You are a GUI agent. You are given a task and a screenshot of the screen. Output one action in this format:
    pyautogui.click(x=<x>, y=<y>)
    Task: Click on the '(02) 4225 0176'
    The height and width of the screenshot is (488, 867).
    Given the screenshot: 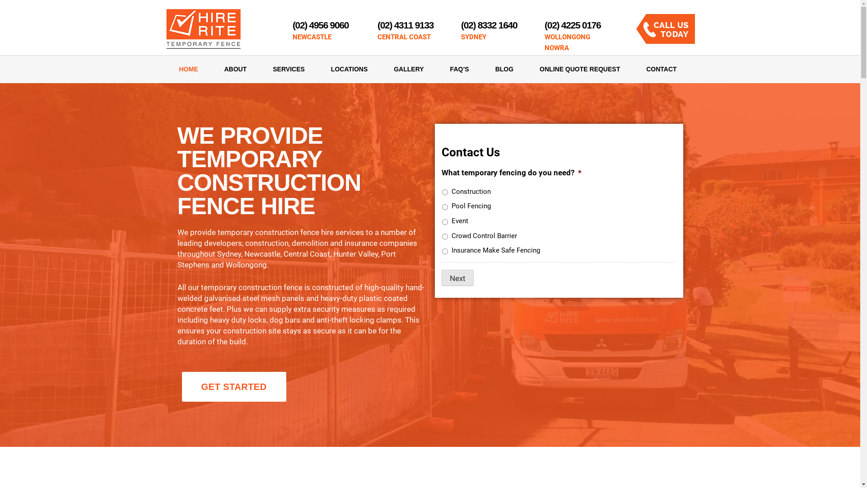 What is the action you would take?
    pyautogui.click(x=572, y=24)
    